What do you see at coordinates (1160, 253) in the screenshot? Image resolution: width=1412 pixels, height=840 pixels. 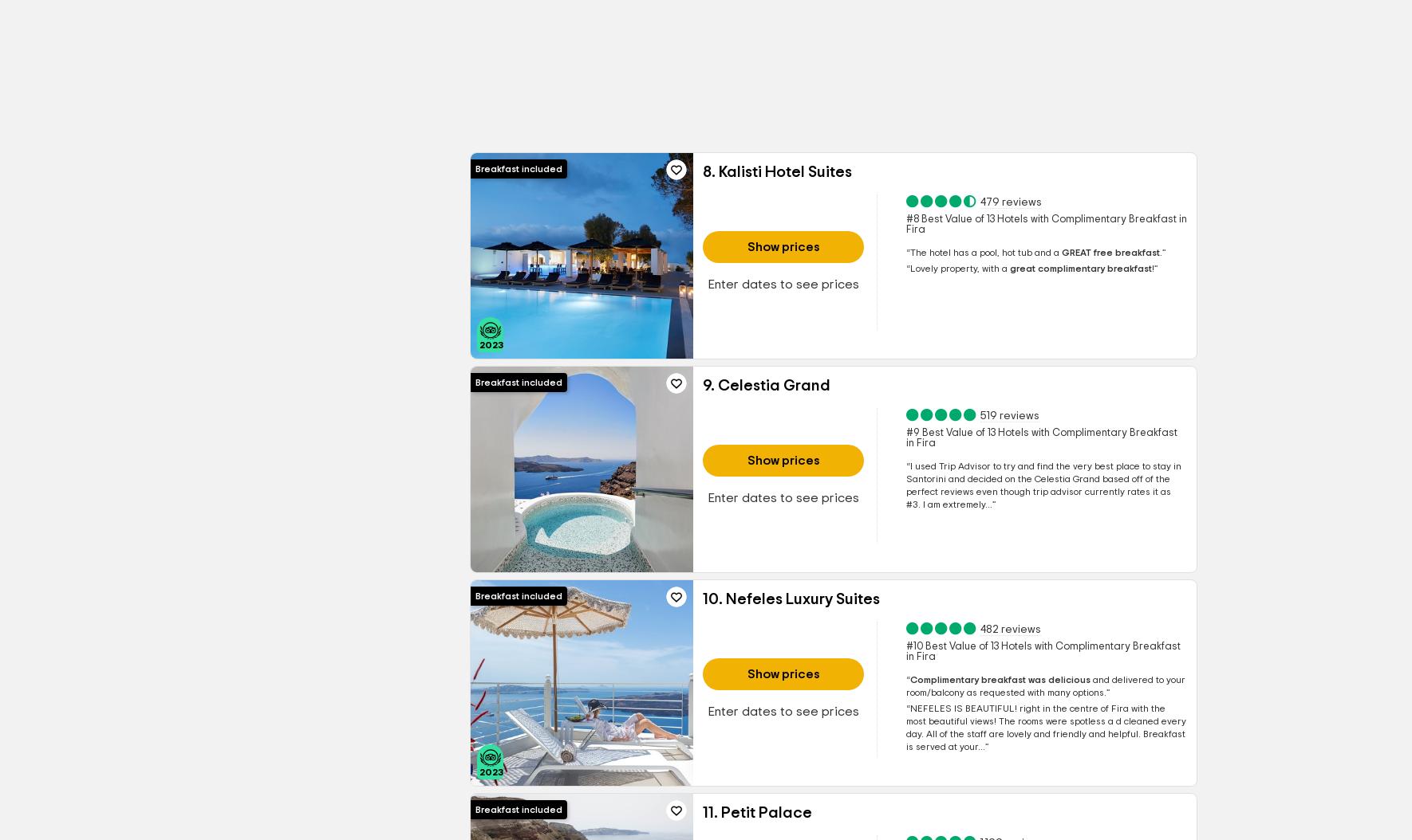 I see `'.'` at bounding box center [1160, 253].